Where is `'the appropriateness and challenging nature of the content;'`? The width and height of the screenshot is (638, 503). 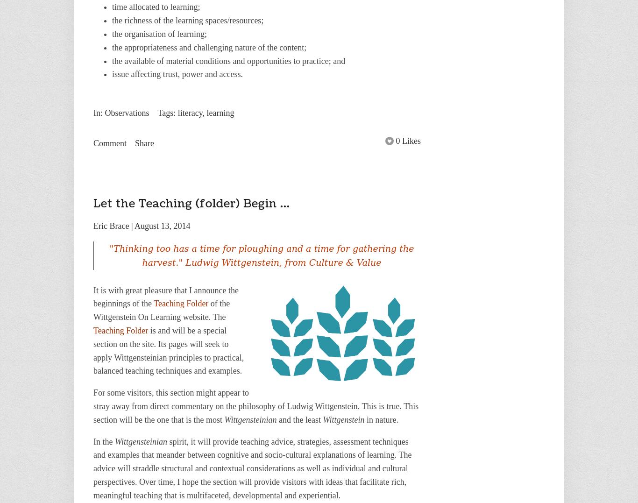
'the appropriateness and challenging nature of the content;' is located at coordinates (209, 47).